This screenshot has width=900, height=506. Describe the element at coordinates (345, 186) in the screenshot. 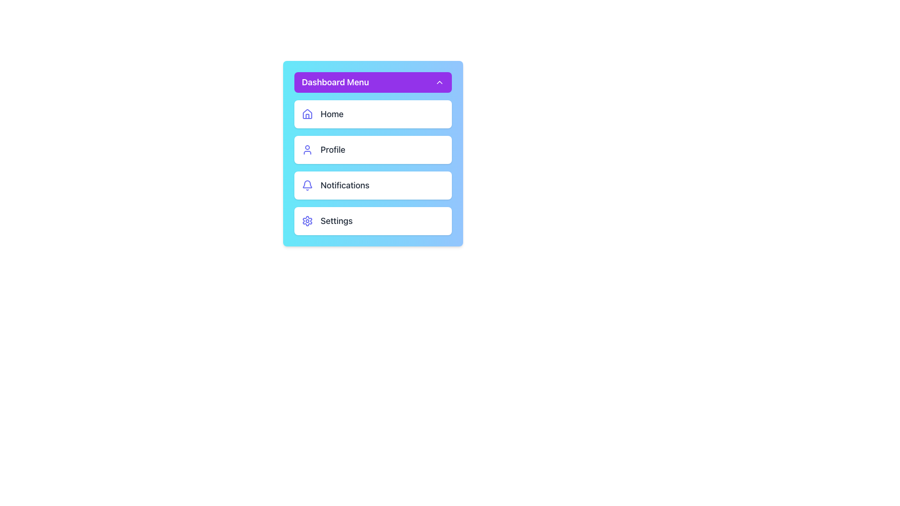

I see `the 'Notifications' text element, which is a bold, medium-large dark gray text located in the menu list between 'Profile' and 'Settings'` at that location.